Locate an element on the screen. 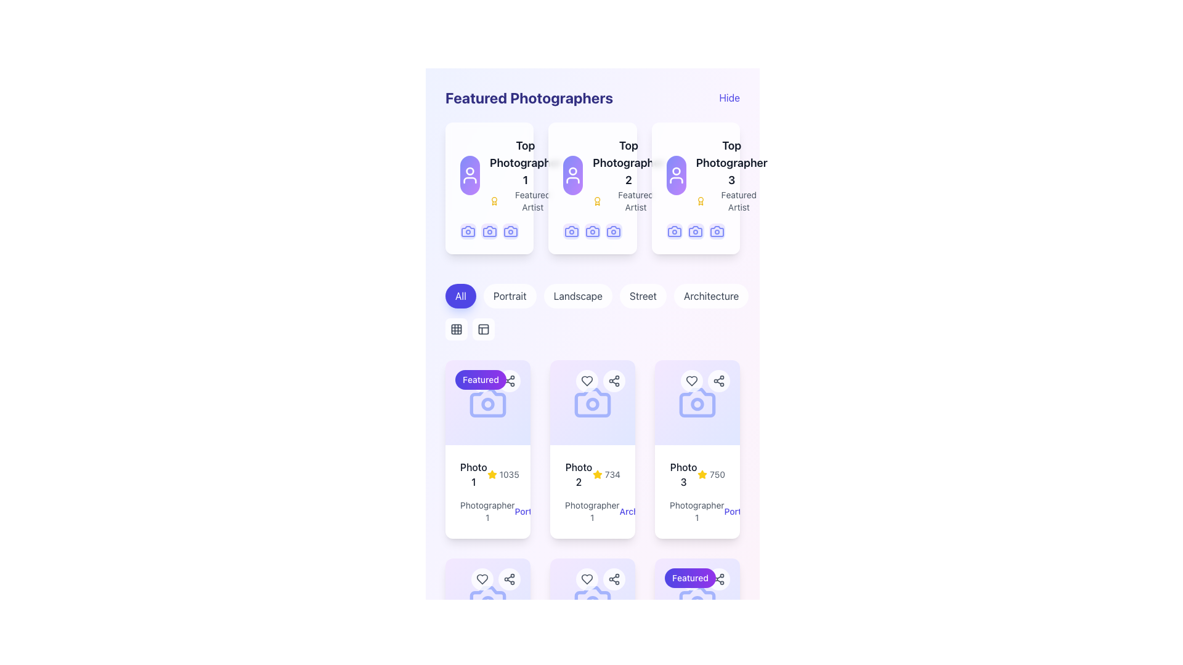  the descriptive text element that provides the name of the photographer, located within the second card in the grid of cards, near the bottom of the card and adjacent to the text 'Architecture' is located at coordinates (592, 512).